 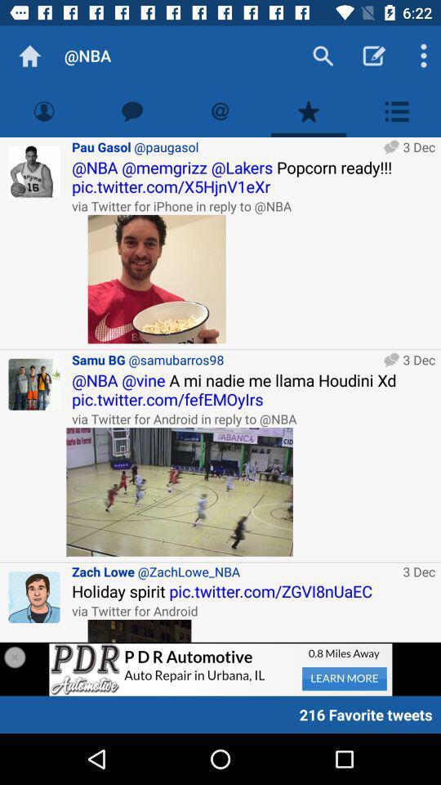 What do you see at coordinates (131, 110) in the screenshot?
I see `messages` at bounding box center [131, 110].